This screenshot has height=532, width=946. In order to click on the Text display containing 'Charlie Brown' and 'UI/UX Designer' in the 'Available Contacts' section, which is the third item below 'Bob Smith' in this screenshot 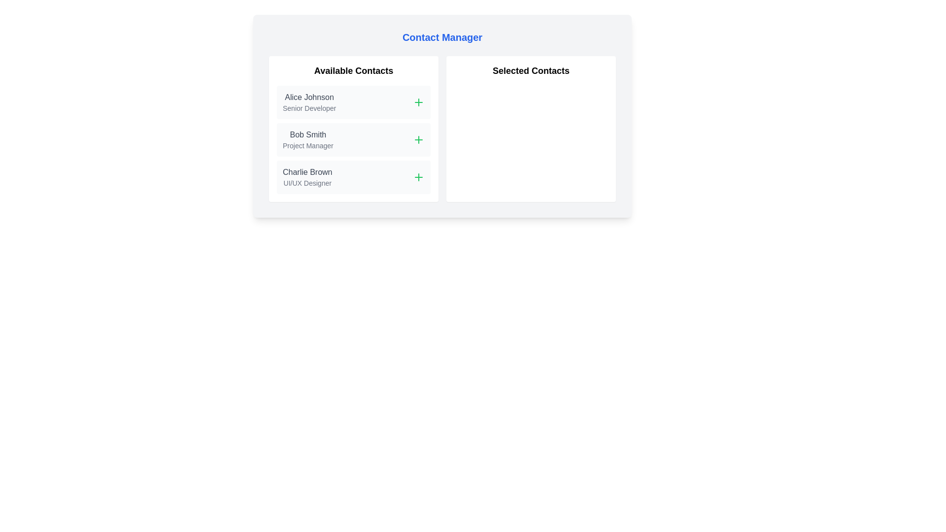, I will do `click(307, 176)`.